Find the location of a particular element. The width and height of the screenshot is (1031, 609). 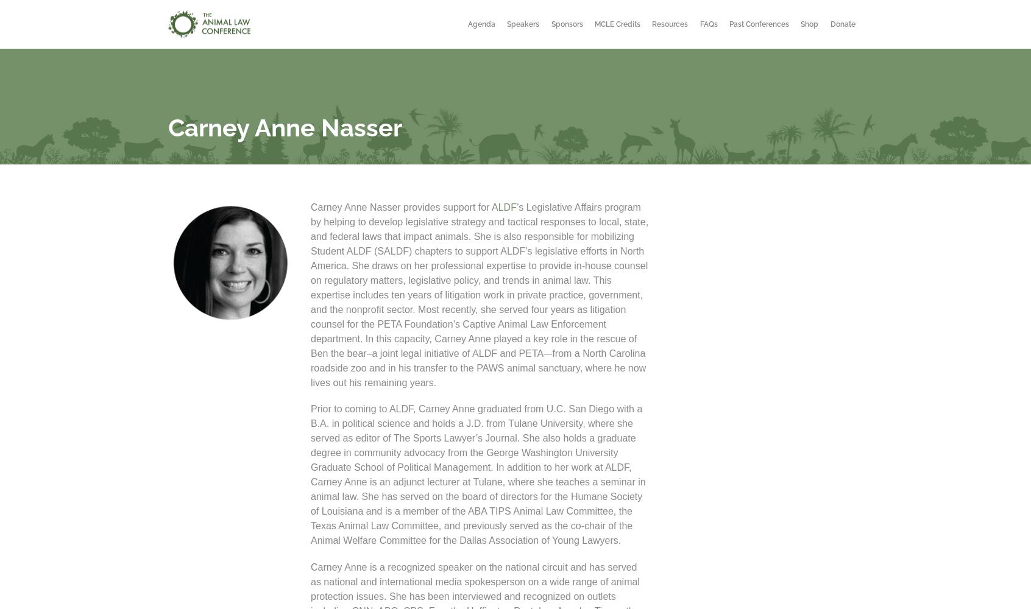

'FAQs' is located at coordinates (707, 24).